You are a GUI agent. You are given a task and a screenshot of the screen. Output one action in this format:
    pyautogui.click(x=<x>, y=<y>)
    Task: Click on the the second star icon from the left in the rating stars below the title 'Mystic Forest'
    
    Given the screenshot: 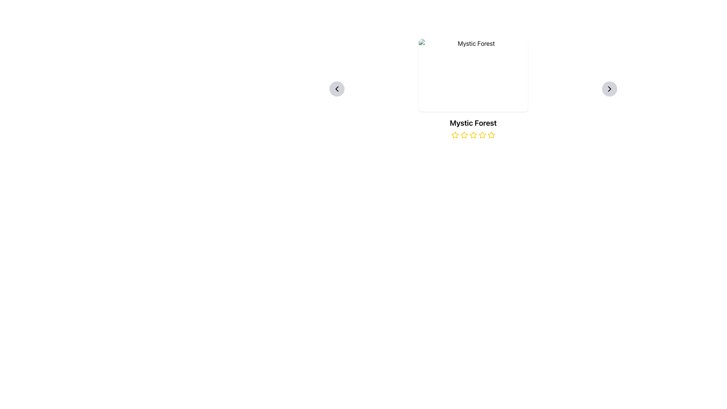 What is the action you would take?
    pyautogui.click(x=463, y=135)
    